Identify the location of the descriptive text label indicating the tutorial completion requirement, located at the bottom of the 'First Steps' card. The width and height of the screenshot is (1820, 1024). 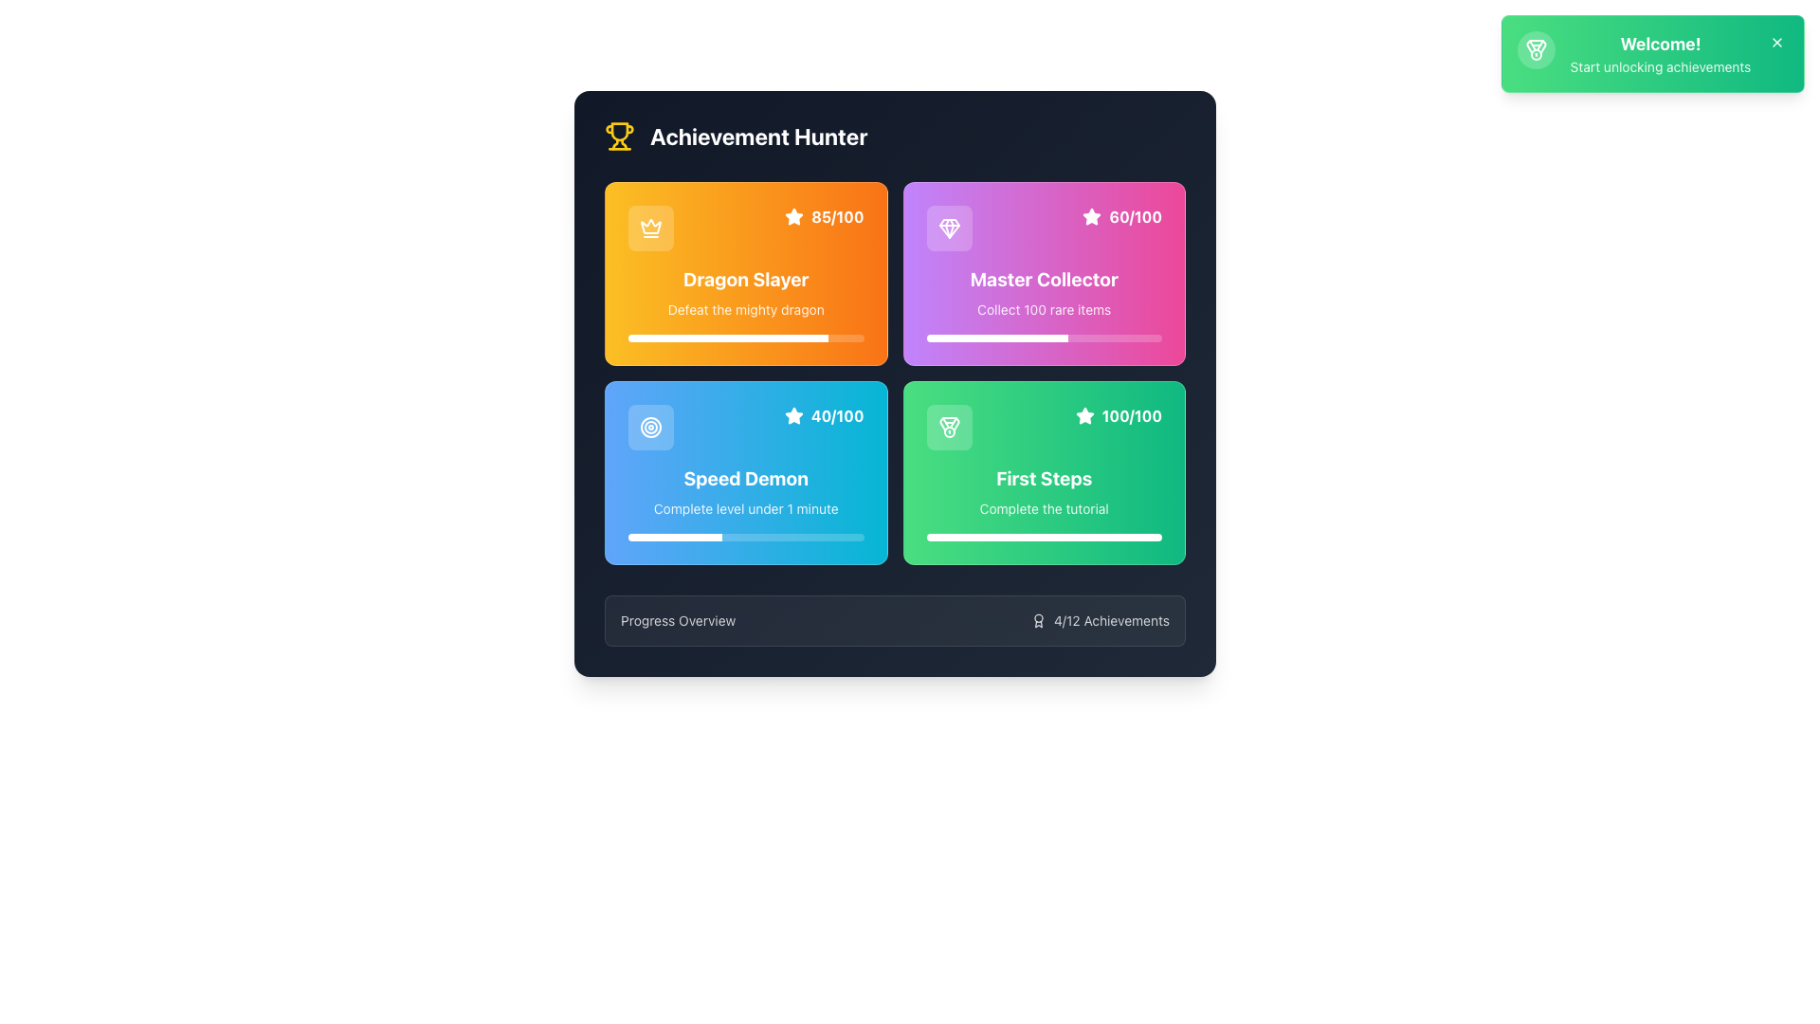
(1043, 507).